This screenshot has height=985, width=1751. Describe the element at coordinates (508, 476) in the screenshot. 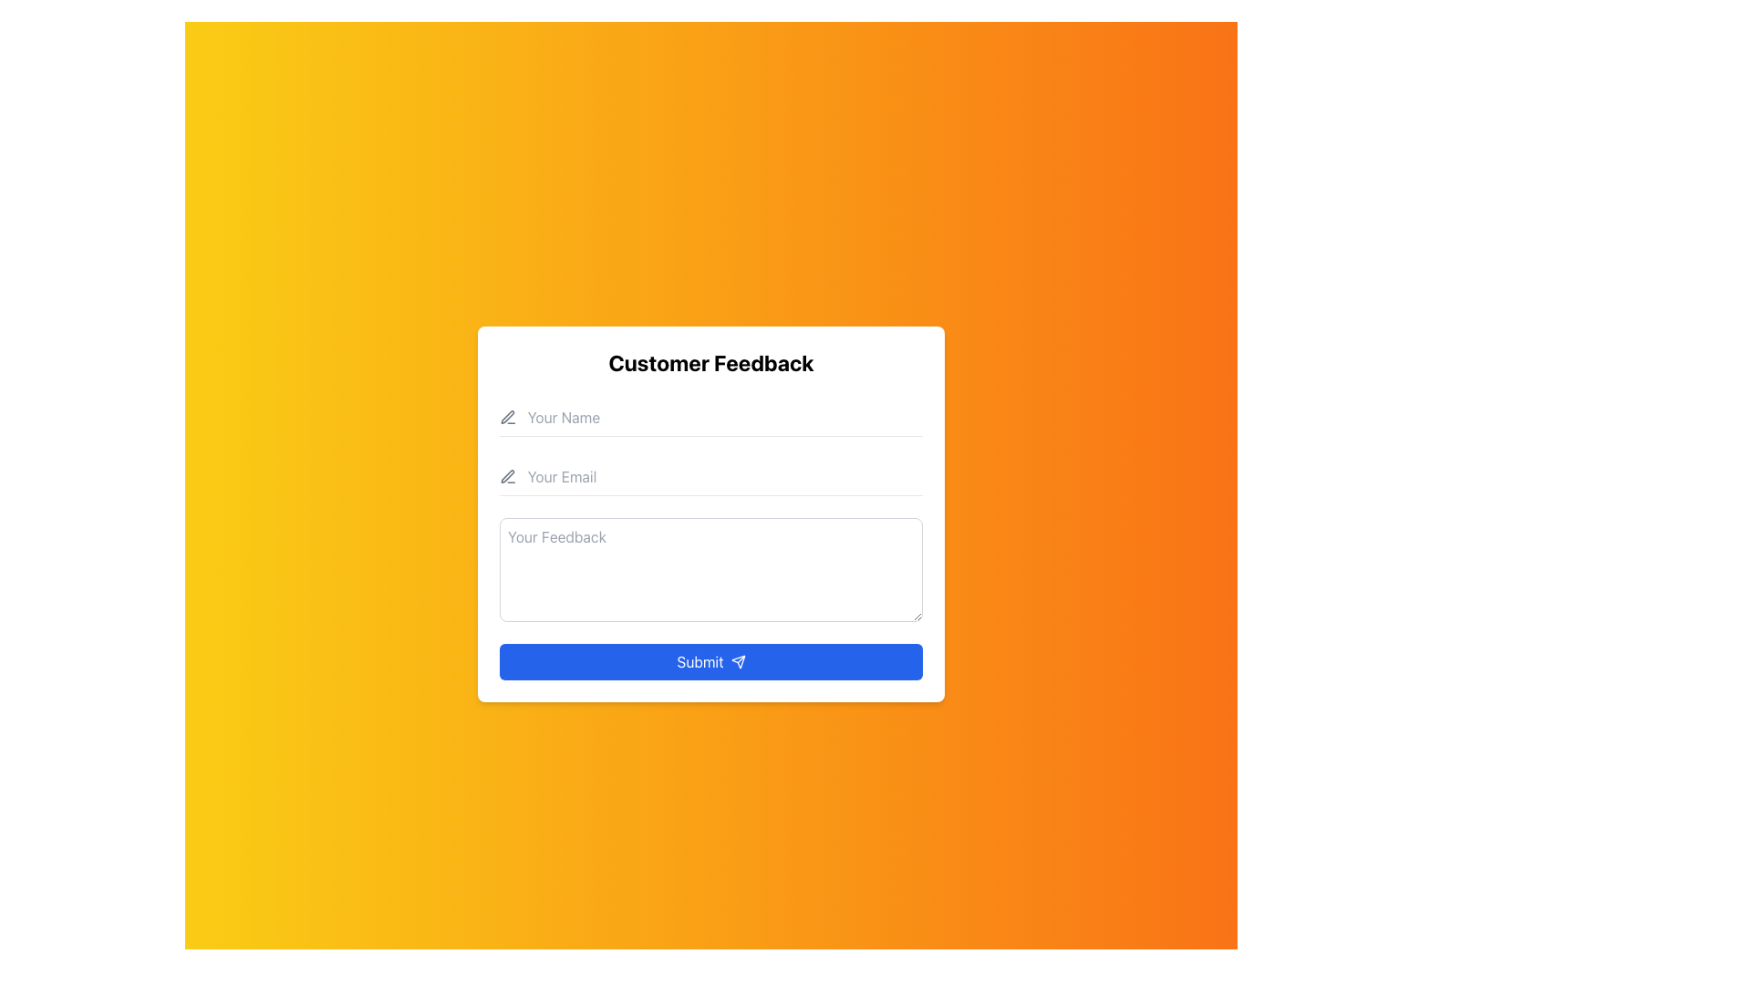

I see `the small pencil icon with a gray outline located to the left of the 'Your Email' text field` at that location.